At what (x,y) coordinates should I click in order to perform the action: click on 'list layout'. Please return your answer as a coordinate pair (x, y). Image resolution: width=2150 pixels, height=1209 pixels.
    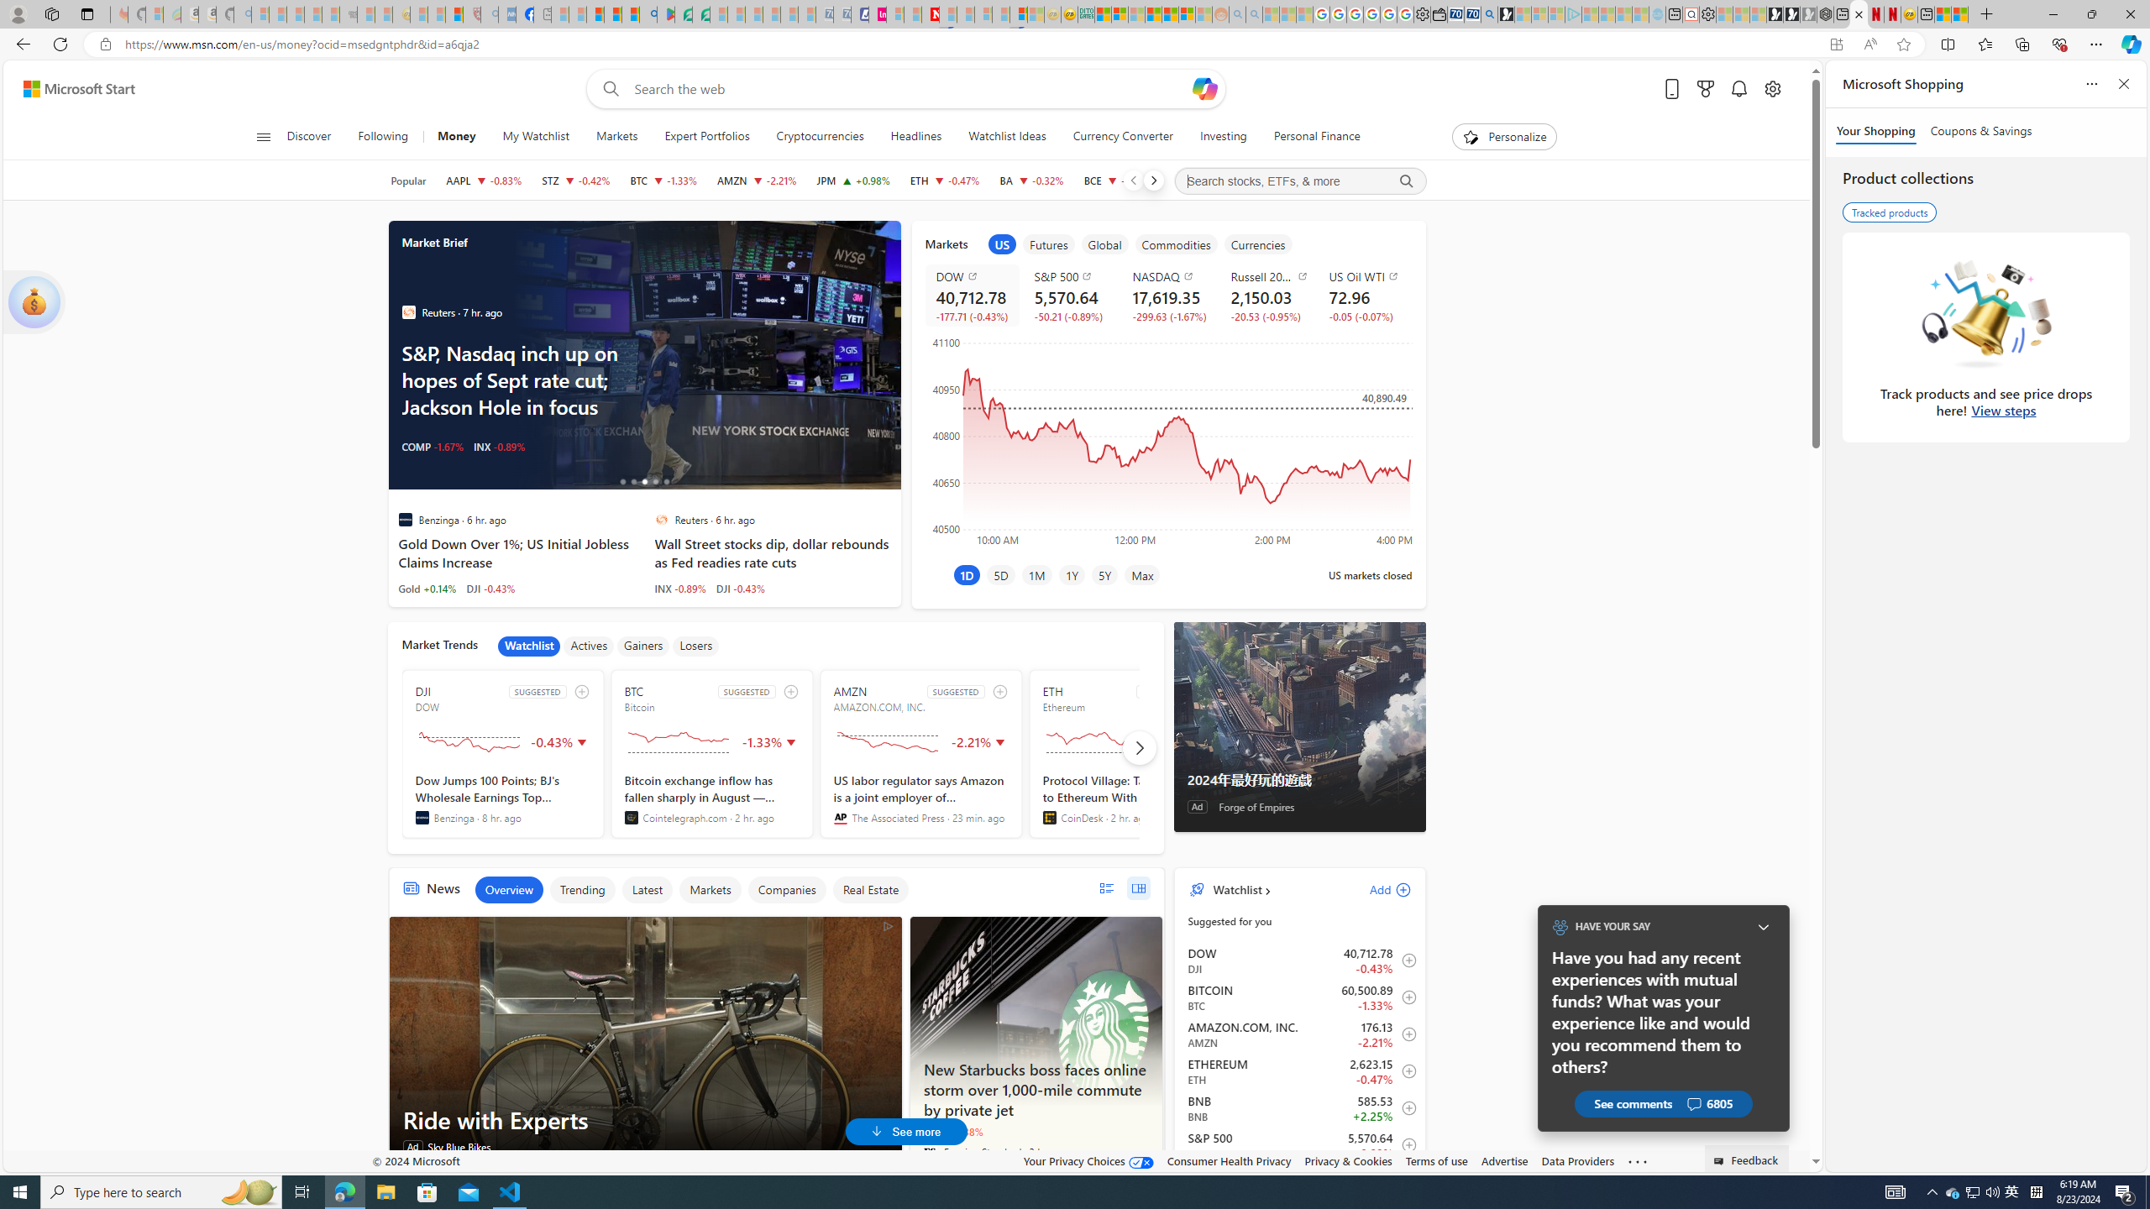
    Looking at the image, I should click on (1105, 887).